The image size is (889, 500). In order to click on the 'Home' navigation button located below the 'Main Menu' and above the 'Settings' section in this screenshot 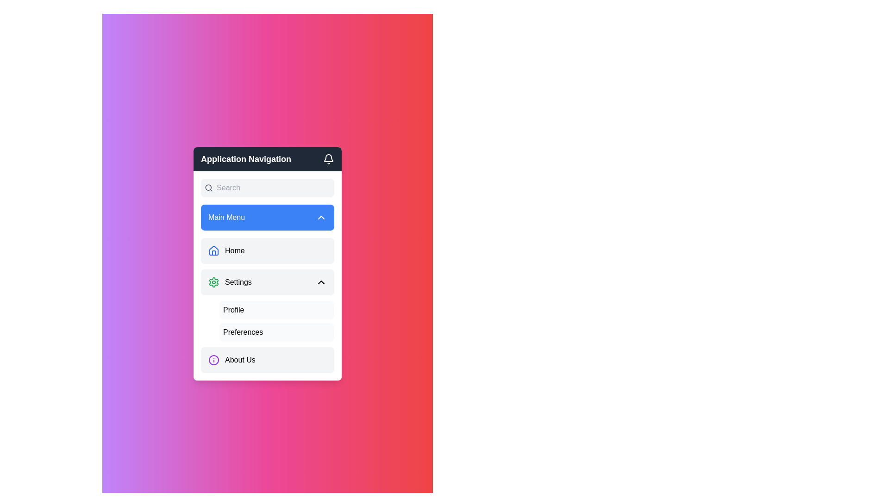, I will do `click(267, 251)`.